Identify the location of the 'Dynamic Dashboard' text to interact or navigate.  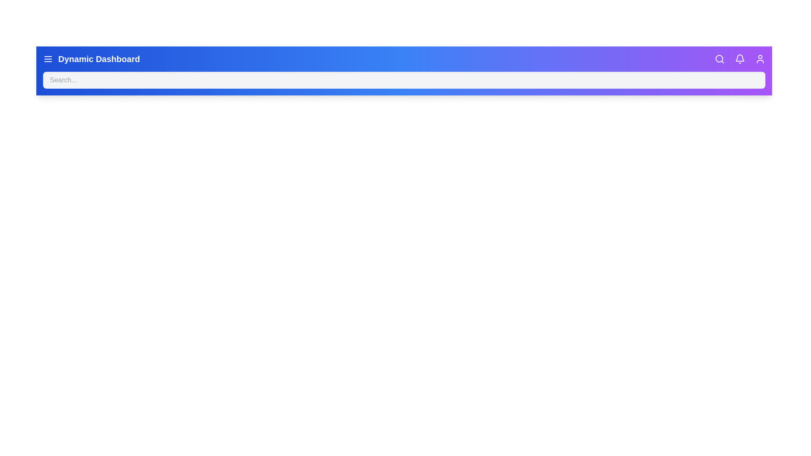
(99, 58).